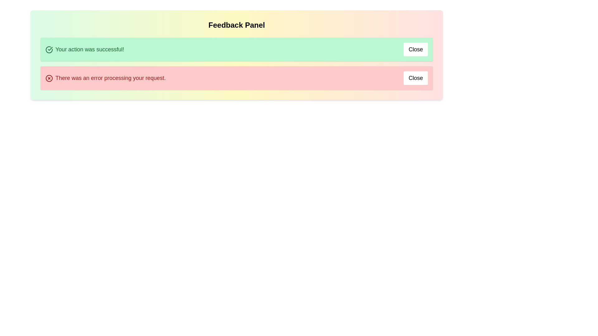 The height and width of the screenshot is (336, 598). What do you see at coordinates (50, 49) in the screenshot?
I see `checkmark icon located in the top-right corner of the green notification panel, which serves as a confirmation mark for successful user actions` at bounding box center [50, 49].